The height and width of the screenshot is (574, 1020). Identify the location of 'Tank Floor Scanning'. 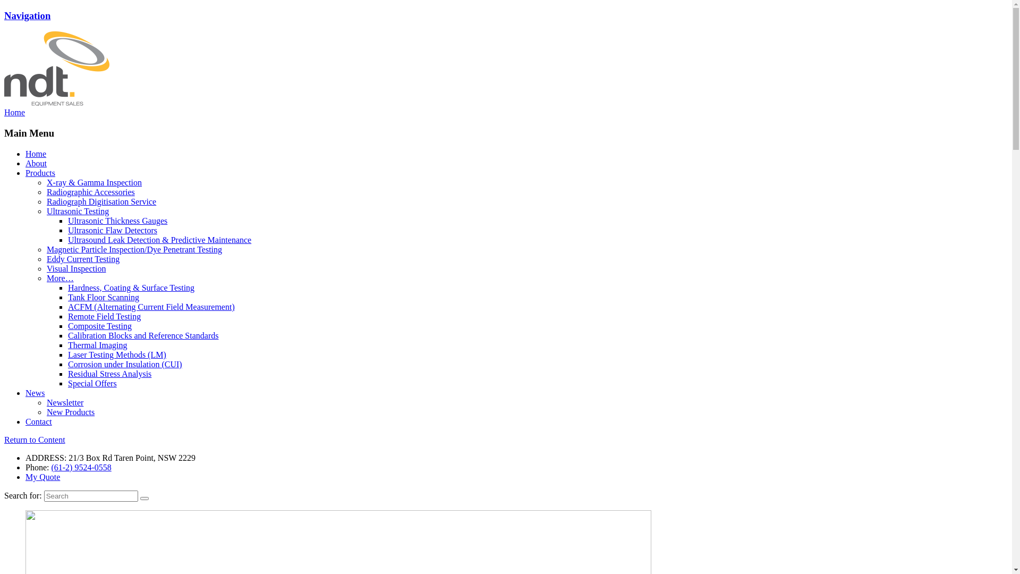
(104, 297).